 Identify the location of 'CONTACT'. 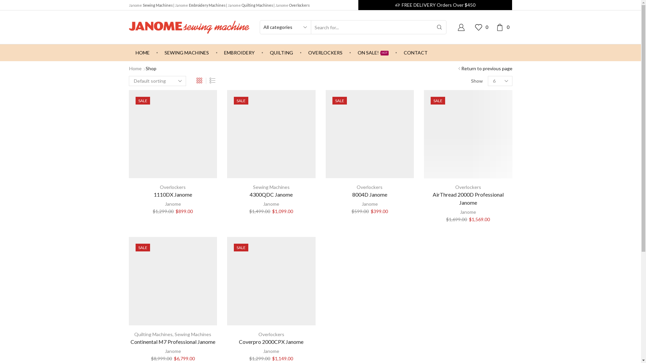
(415, 52).